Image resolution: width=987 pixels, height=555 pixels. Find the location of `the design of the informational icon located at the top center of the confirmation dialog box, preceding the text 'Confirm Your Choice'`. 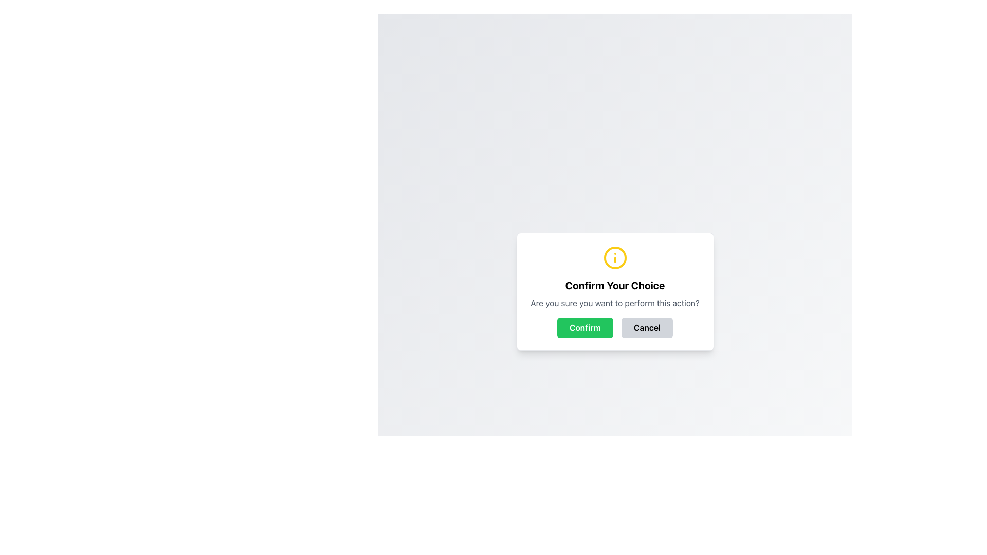

the design of the informational icon located at the top center of the confirmation dialog box, preceding the text 'Confirm Your Choice' is located at coordinates (615, 257).